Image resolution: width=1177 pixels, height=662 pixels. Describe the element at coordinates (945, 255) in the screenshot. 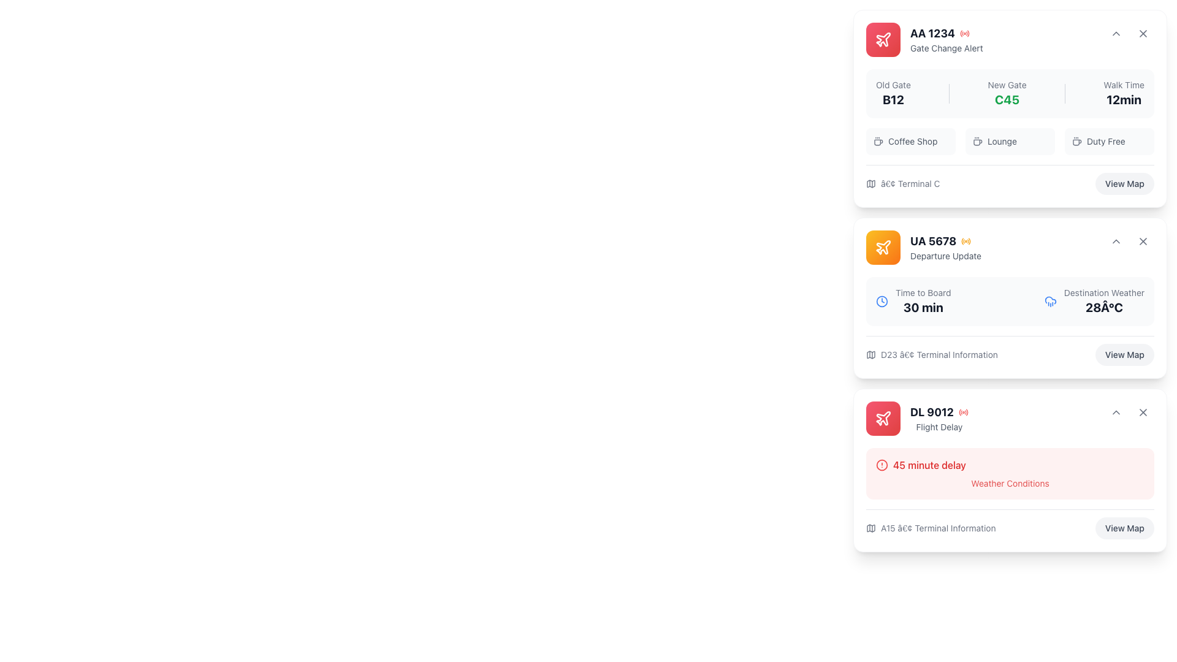

I see `the subtitle text label providing additional context about the 'UA 5678' flight, located directly below the 'UA 5678' label and icon within the card interface` at that location.